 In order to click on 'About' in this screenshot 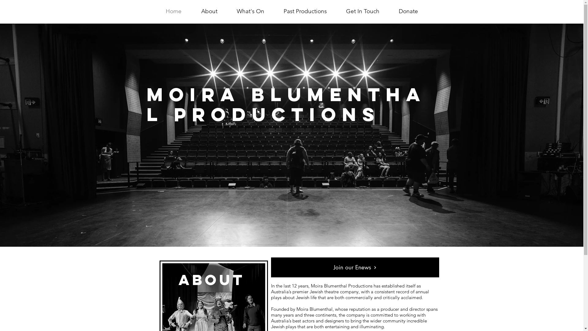, I will do `click(209, 11)`.